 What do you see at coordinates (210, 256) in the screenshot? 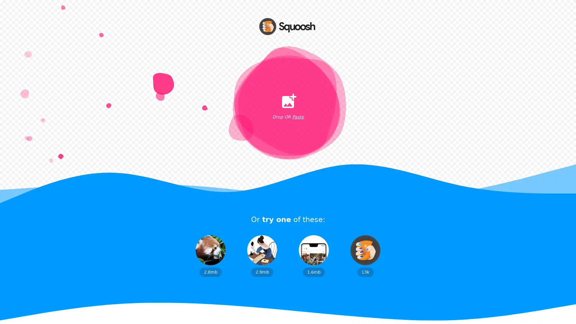
I see `Large photo 2.8mb` at bounding box center [210, 256].